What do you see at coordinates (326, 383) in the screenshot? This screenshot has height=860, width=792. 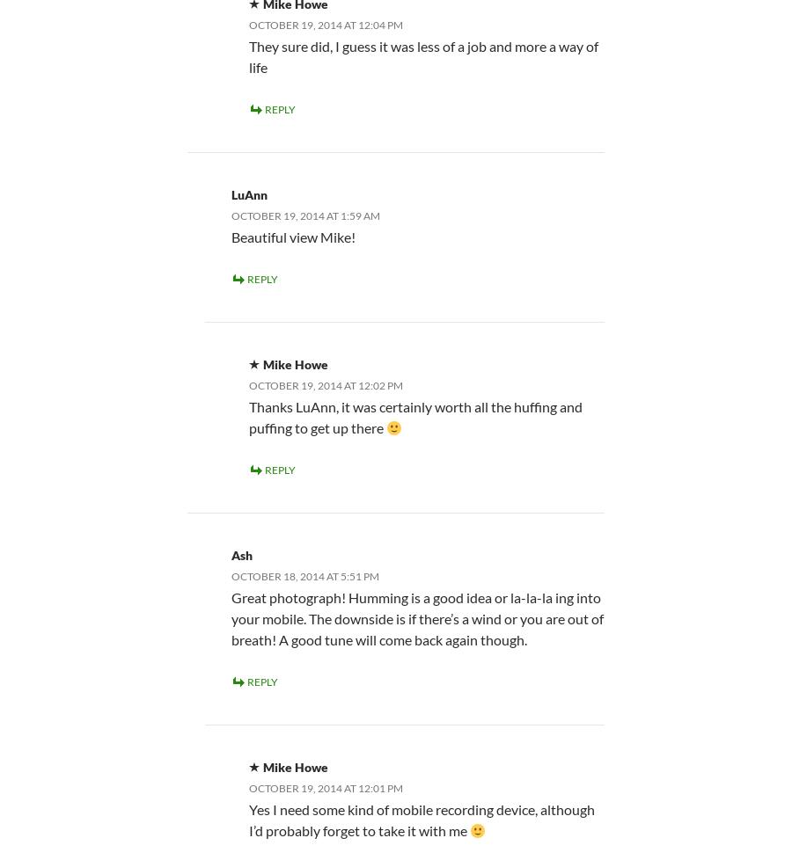 I see `'October 19, 2014 at 12:02 pm'` at bounding box center [326, 383].